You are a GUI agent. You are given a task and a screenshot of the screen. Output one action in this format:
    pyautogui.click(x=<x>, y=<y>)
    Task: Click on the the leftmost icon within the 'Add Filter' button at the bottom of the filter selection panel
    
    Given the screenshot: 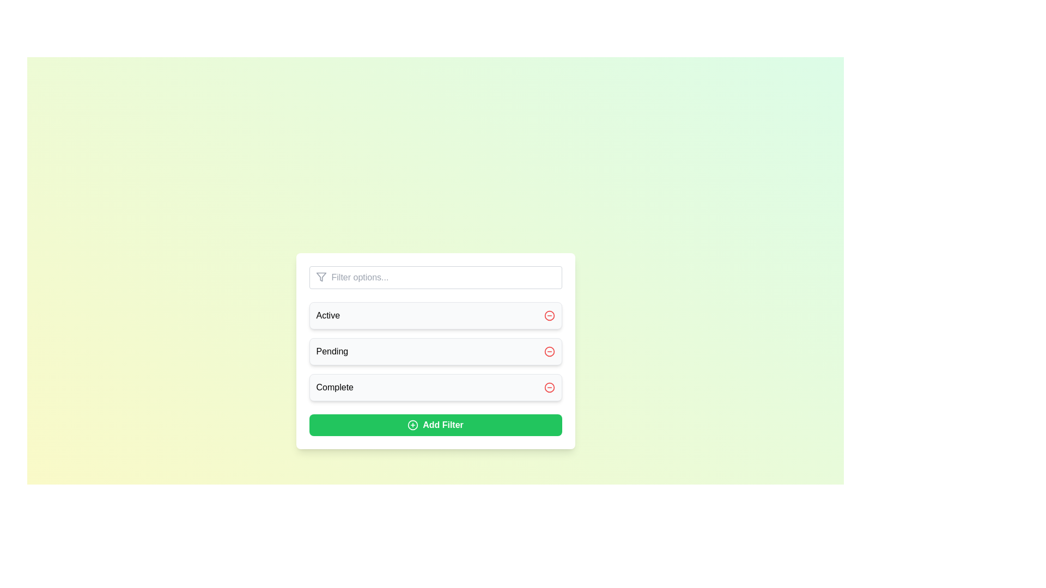 What is the action you would take?
    pyautogui.click(x=412, y=424)
    